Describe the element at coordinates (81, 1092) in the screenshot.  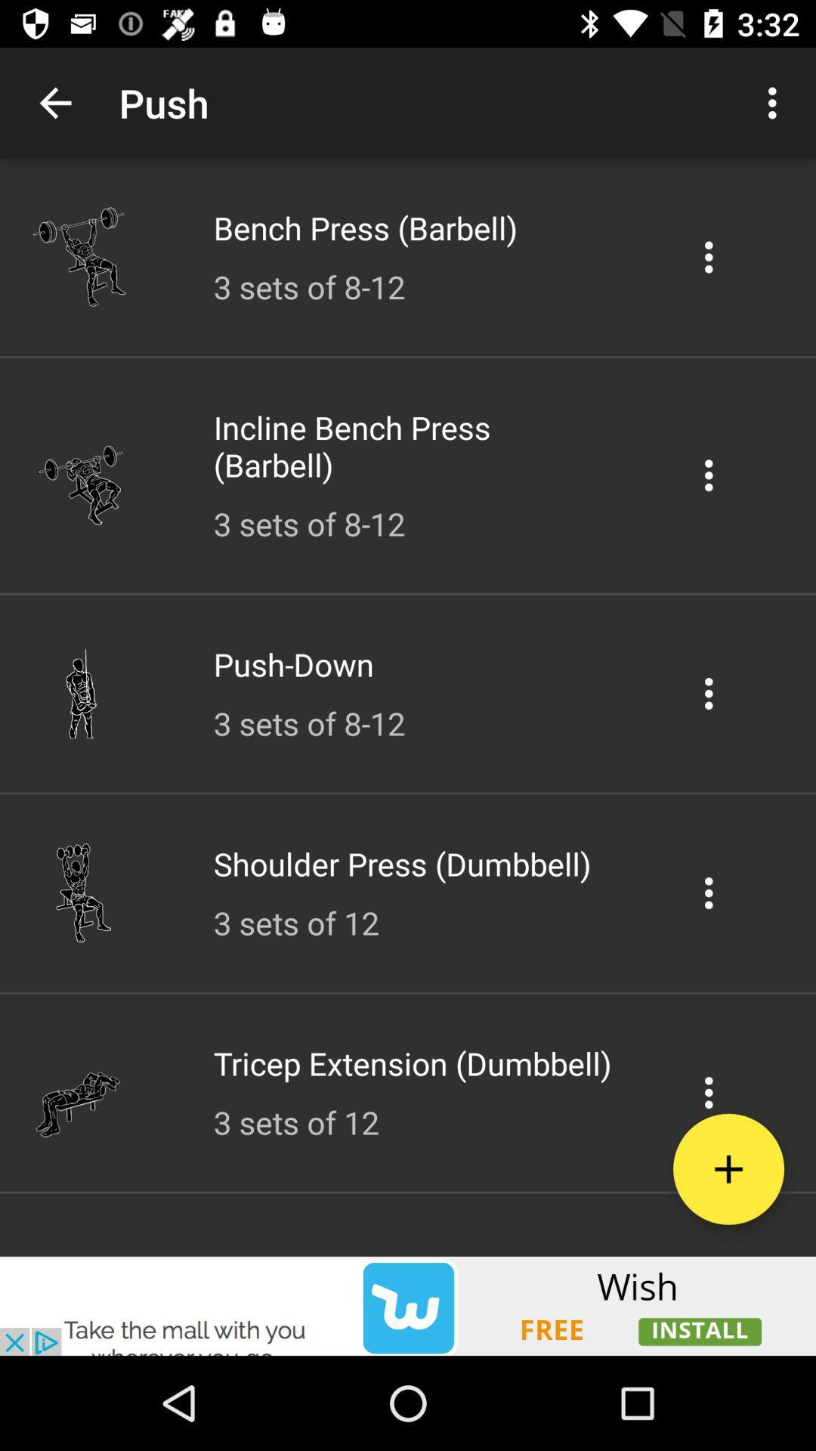
I see `the sixth image` at that location.